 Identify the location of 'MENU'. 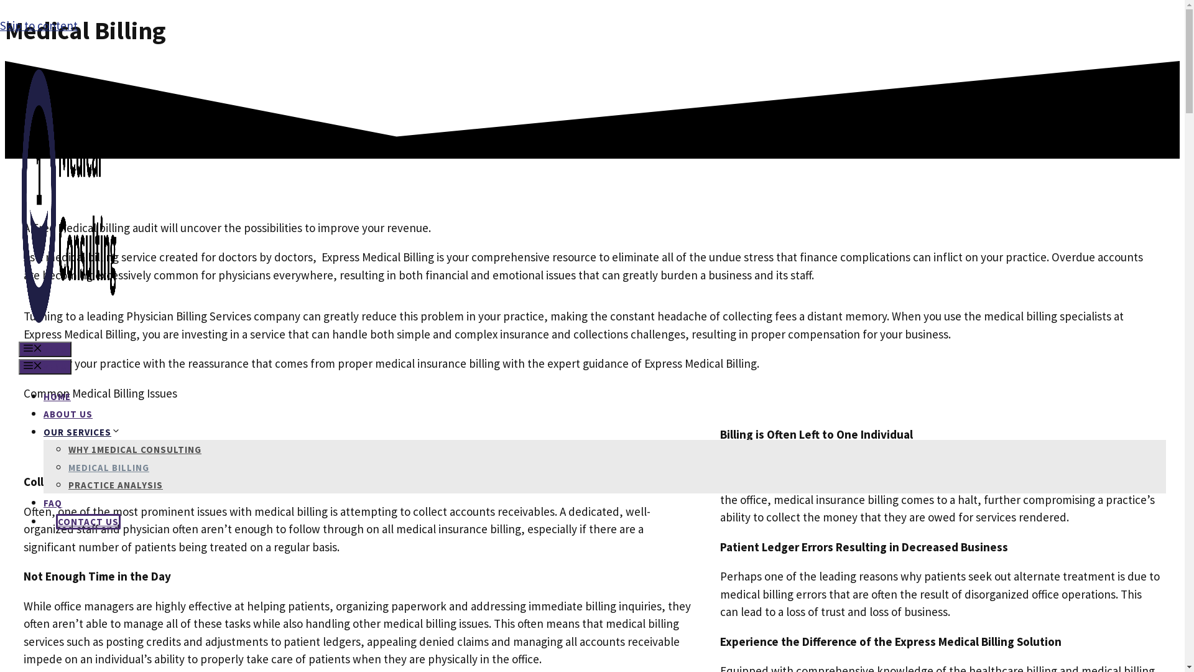
(18, 349).